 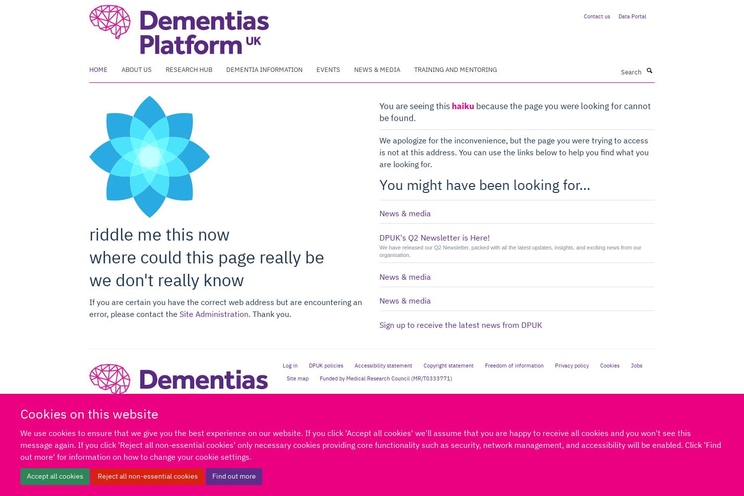 I want to click on 'haiku', so click(x=463, y=105).